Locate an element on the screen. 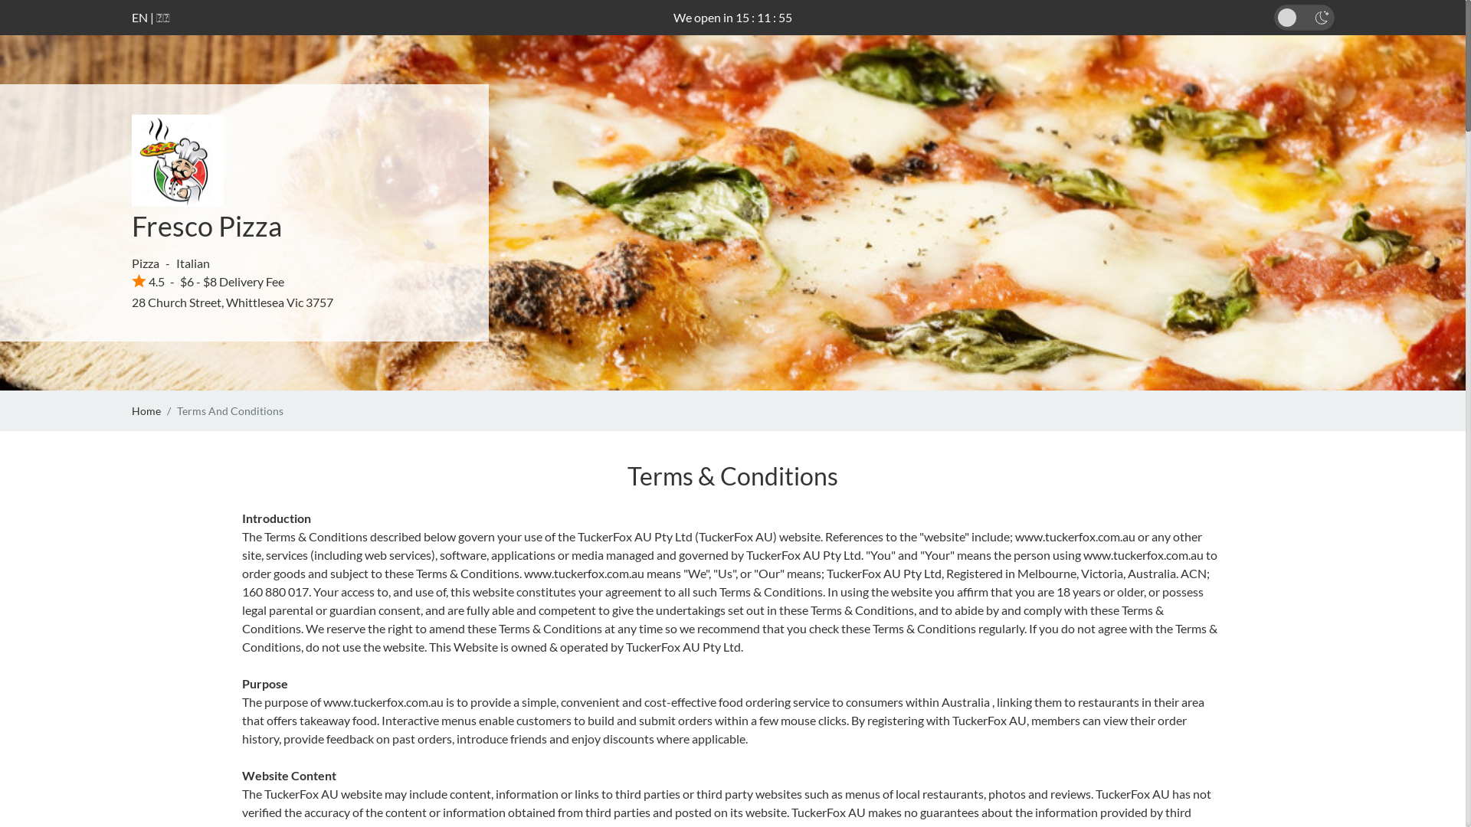  'Home' is located at coordinates (146, 410).